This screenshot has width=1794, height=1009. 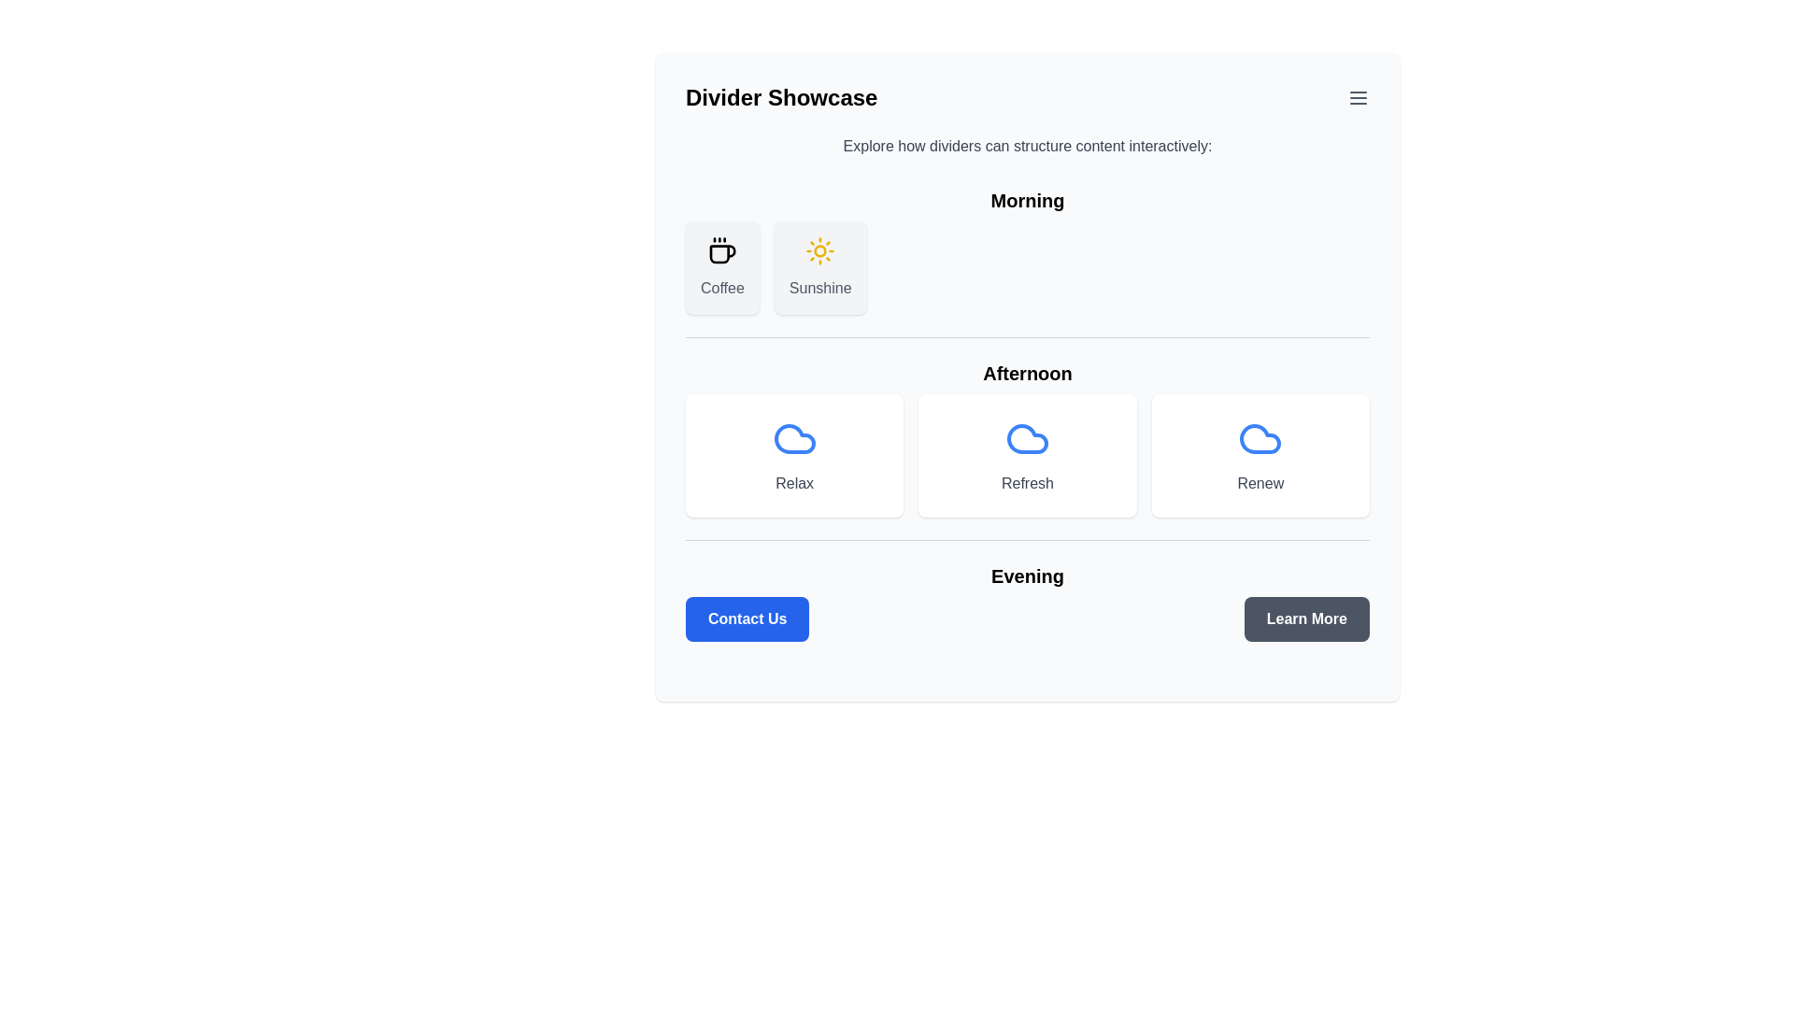 I want to click on the individual section of the grid layout UI component labeled 'Relax', 'Refresh', or 'Renew' in the 'Afternoon' section, so click(x=1026, y=456).